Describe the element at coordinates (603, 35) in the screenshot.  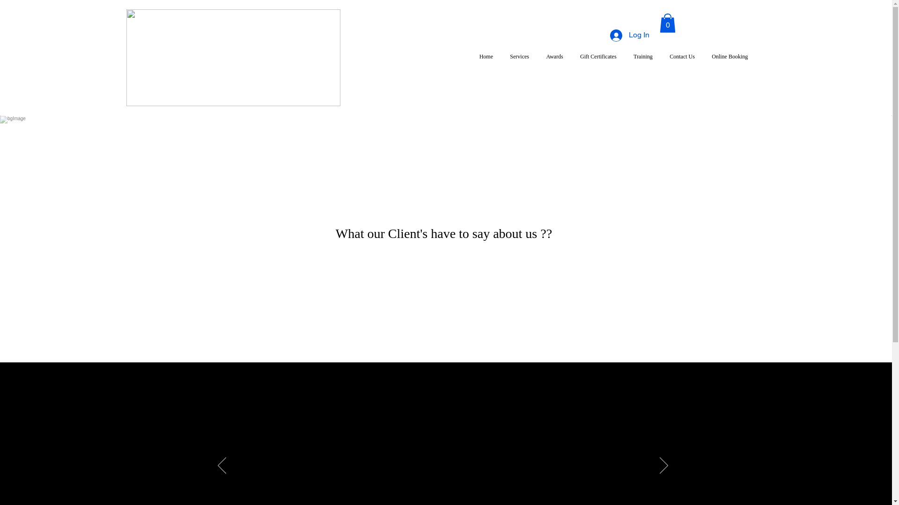
I see `'Log In'` at that location.